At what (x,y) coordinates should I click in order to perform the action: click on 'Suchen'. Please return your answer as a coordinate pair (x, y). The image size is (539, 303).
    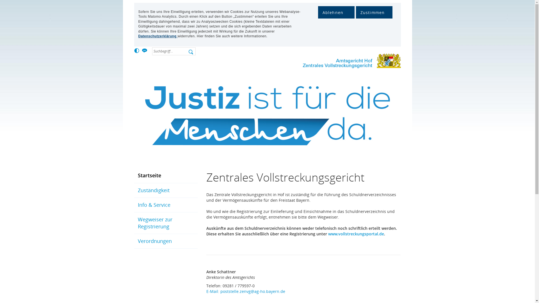
    Looking at the image, I should click on (191, 53).